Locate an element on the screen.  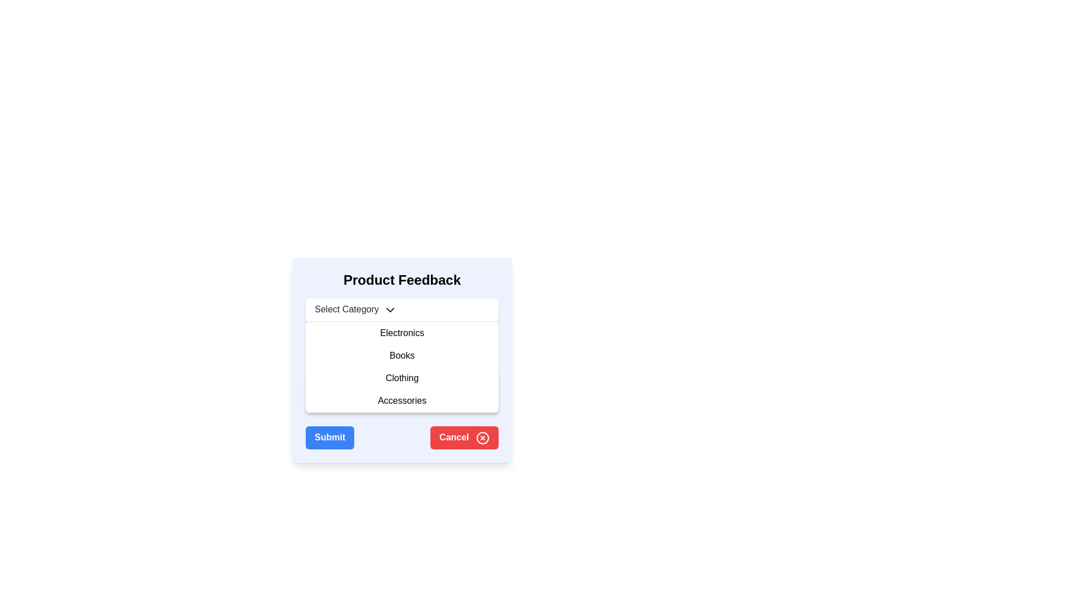
the 'Clothing' category in the dropdown menu to visualize the hover effect is located at coordinates (402, 378).